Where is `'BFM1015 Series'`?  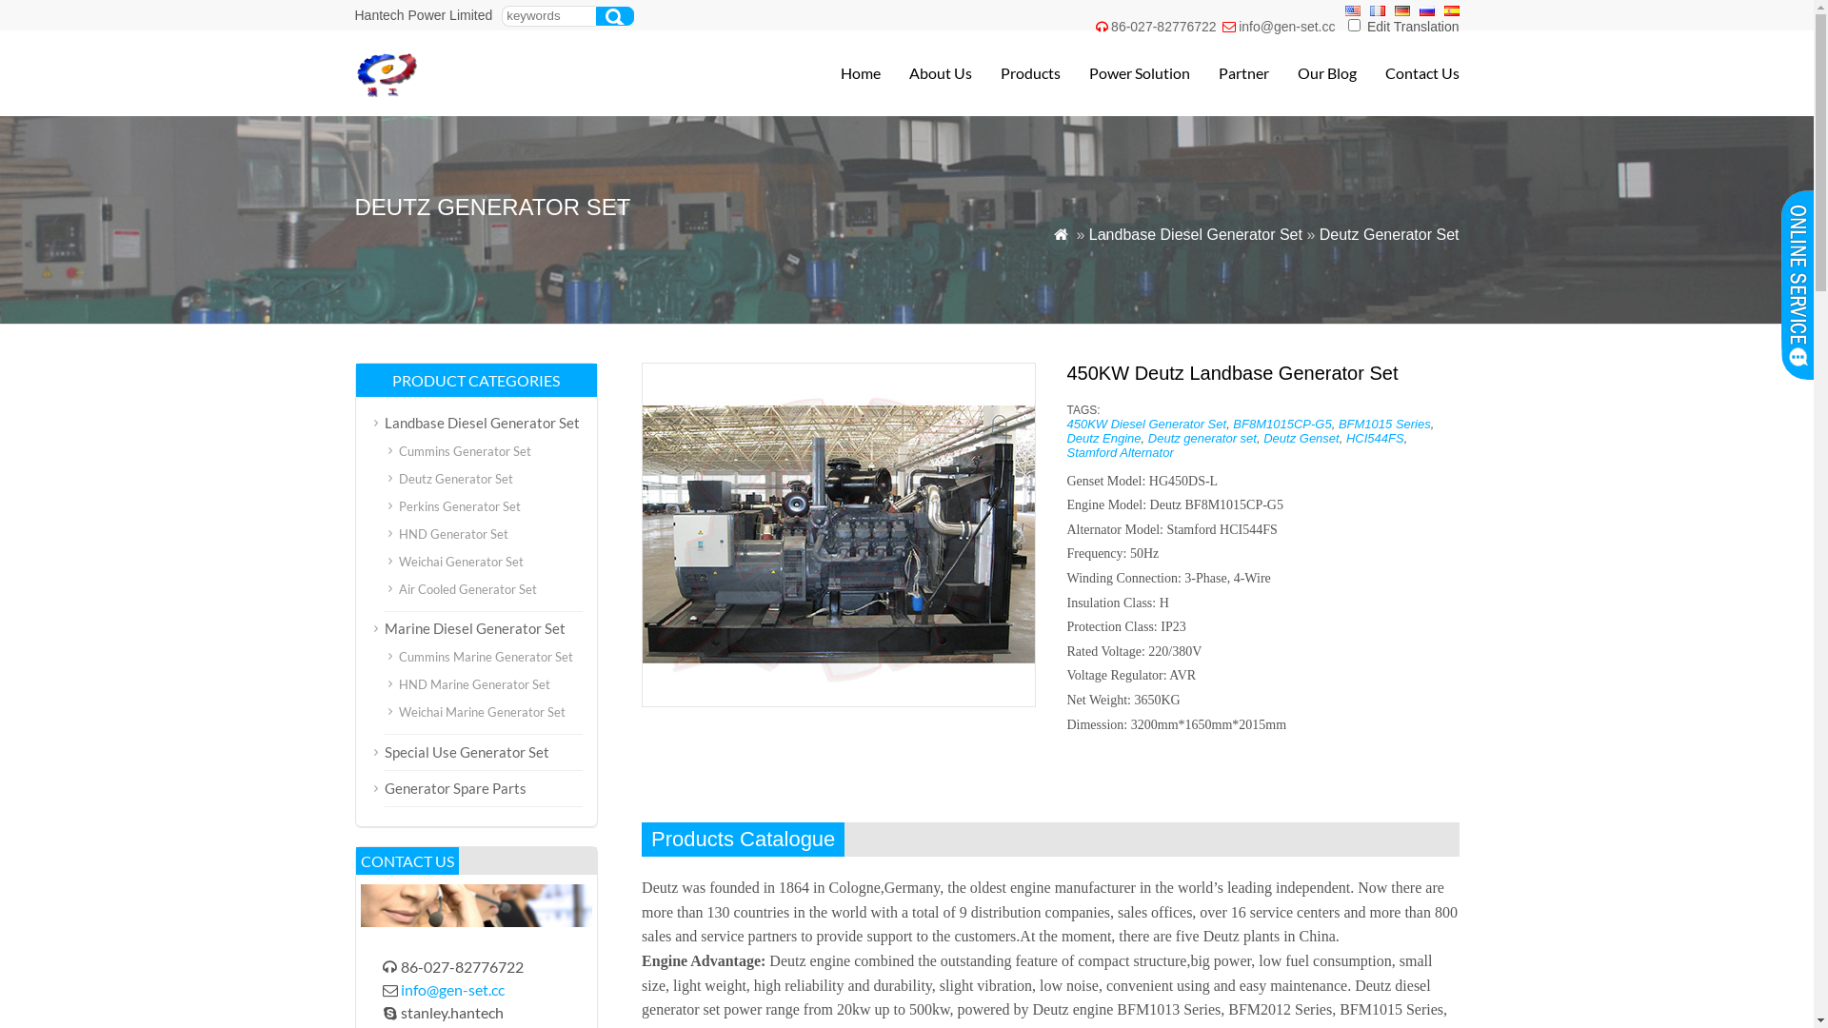
'BFM1015 Series' is located at coordinates (1384, 423).